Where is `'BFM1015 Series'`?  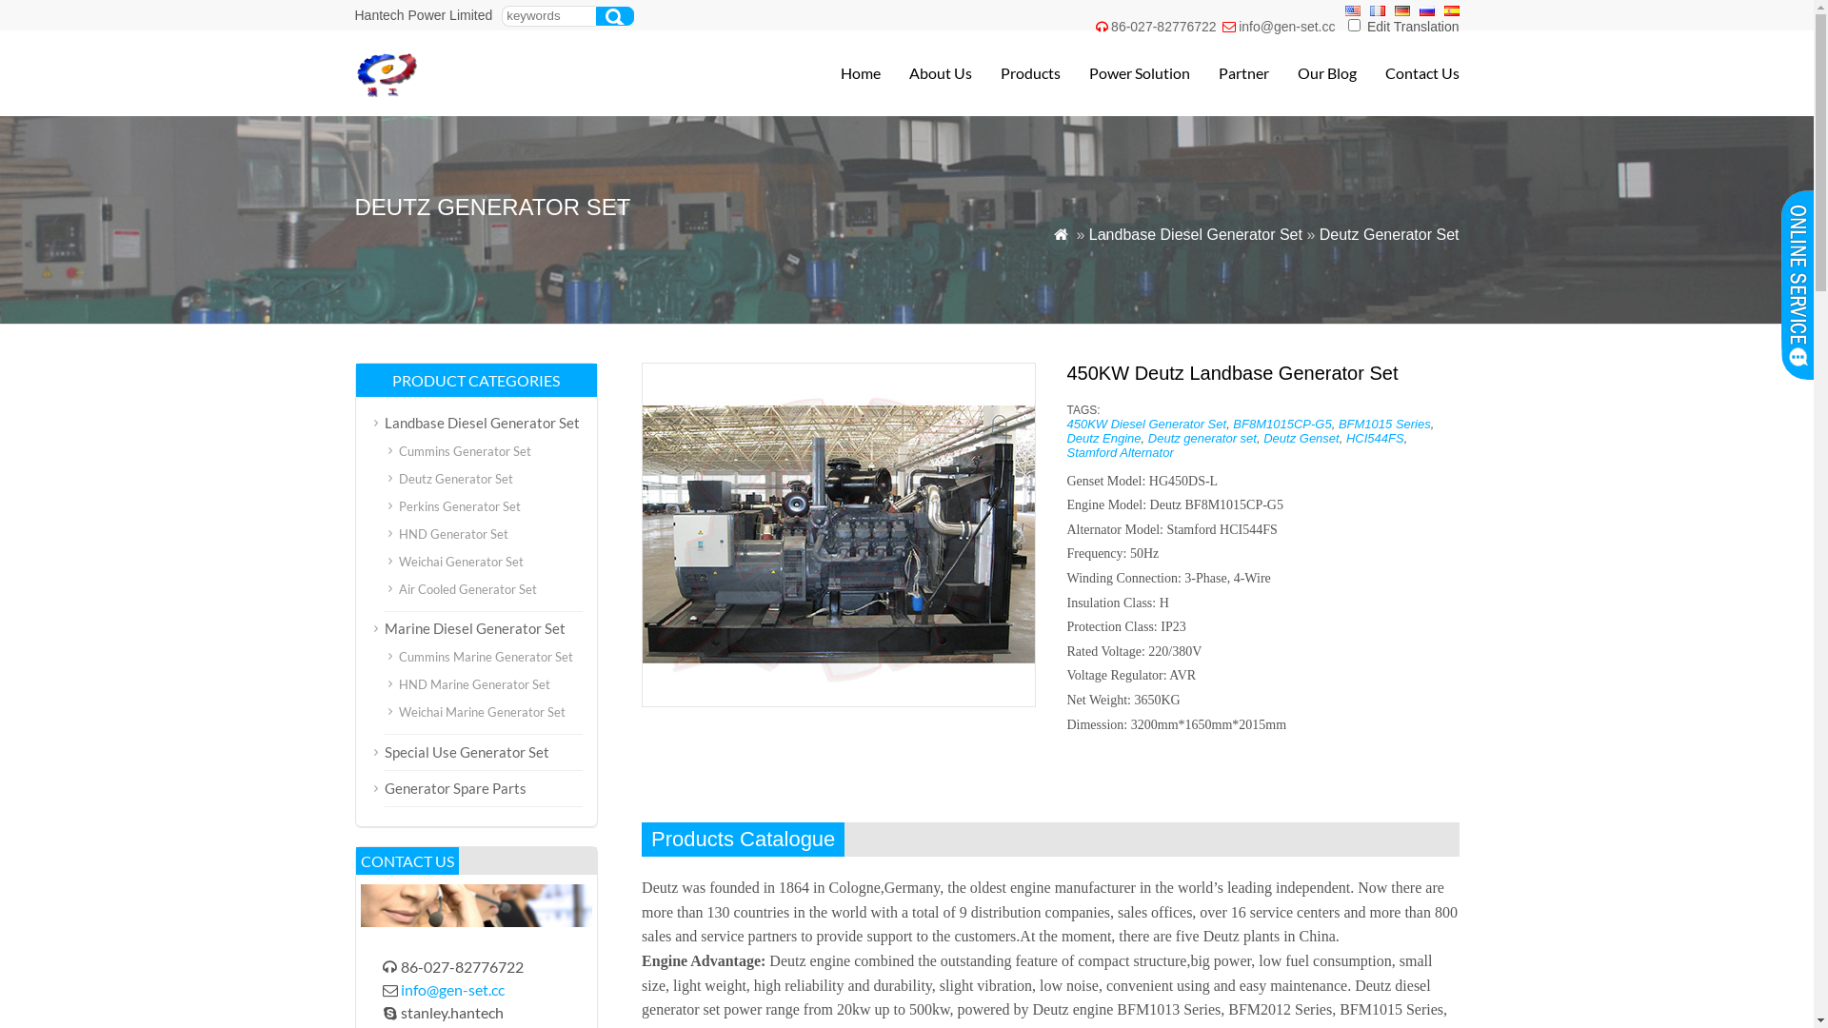
'BFM1015 Series' is located at coordinates (1384, 423).